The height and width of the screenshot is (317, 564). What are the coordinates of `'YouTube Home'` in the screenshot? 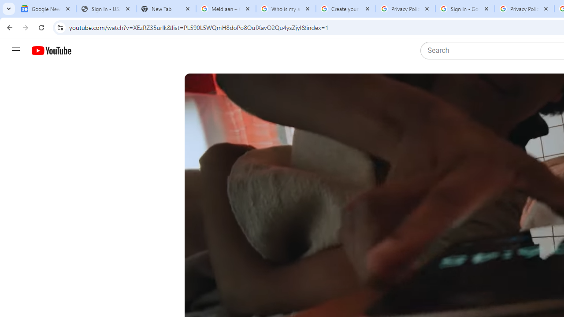 It's located at (51, 51).